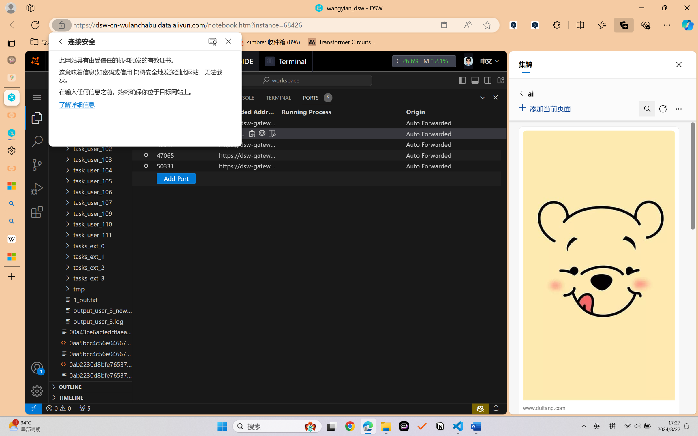 This screenshot has width=698, height=436. I want to click on 'Toggle Primary Side Bar (Ctrl+B)', so click(462, 80).